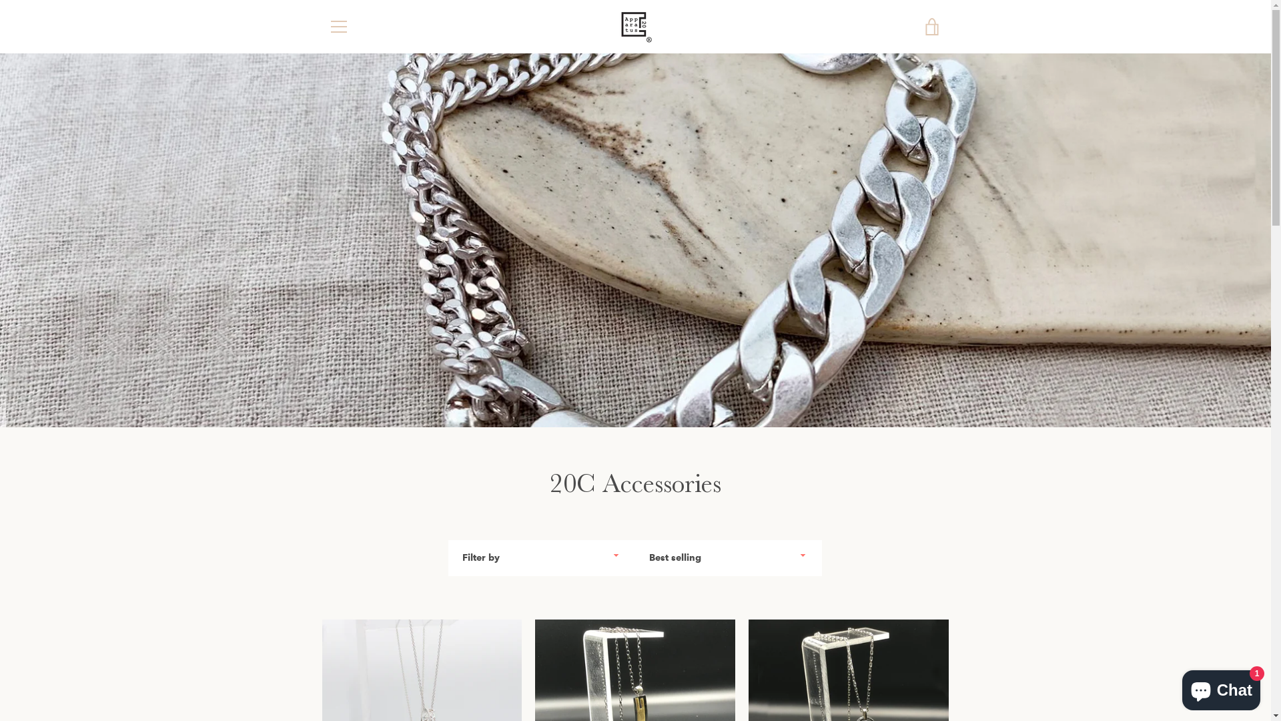 The height and width of the screenshot is (721, 1281). Describe the element at coordinates (338, 26) in the screenshot. I see `'MENU'` at that location.